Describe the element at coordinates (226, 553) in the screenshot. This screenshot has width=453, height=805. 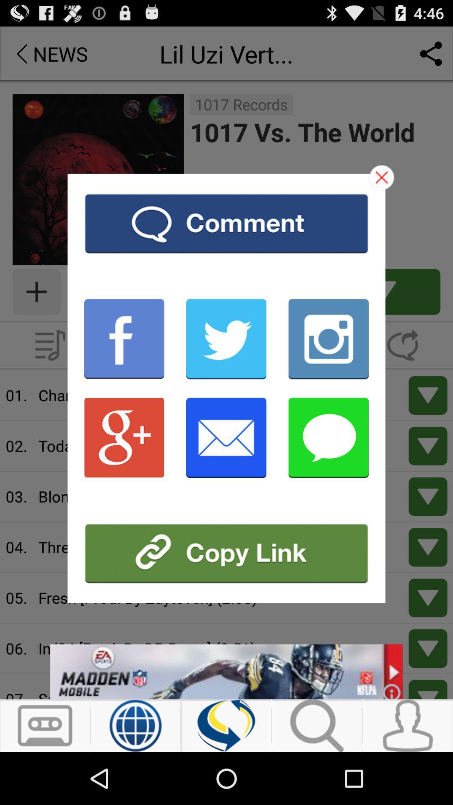
I see `copy link address` at that location.